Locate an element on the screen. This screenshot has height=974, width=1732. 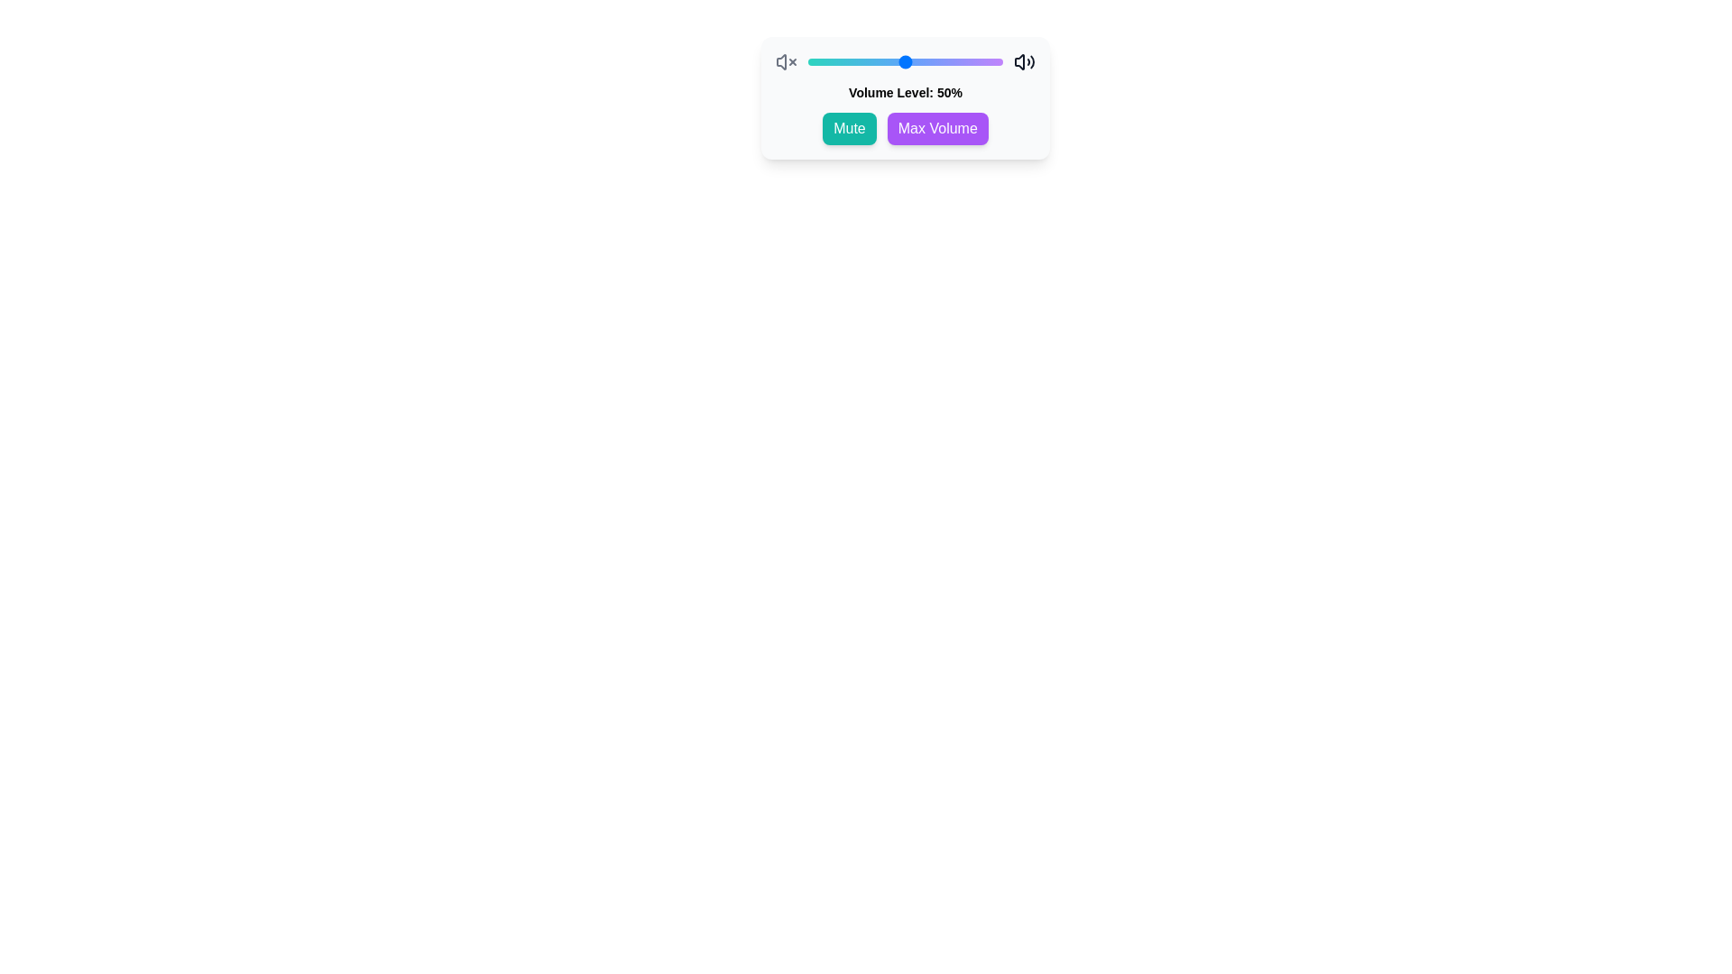
'Max Volume' button to set the volume to the maximum level is located at coordinates (937, 127).